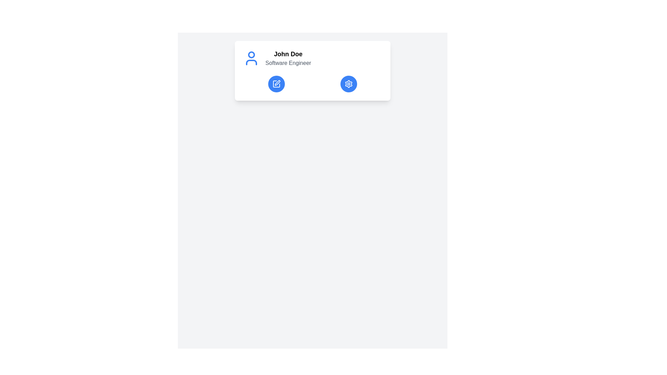 The width and height of the screenshot is (667, 375). I want to click on text displayed in the Text Label that shows the user's job title or role, located beneath 'John Doe', so click(288, 63).